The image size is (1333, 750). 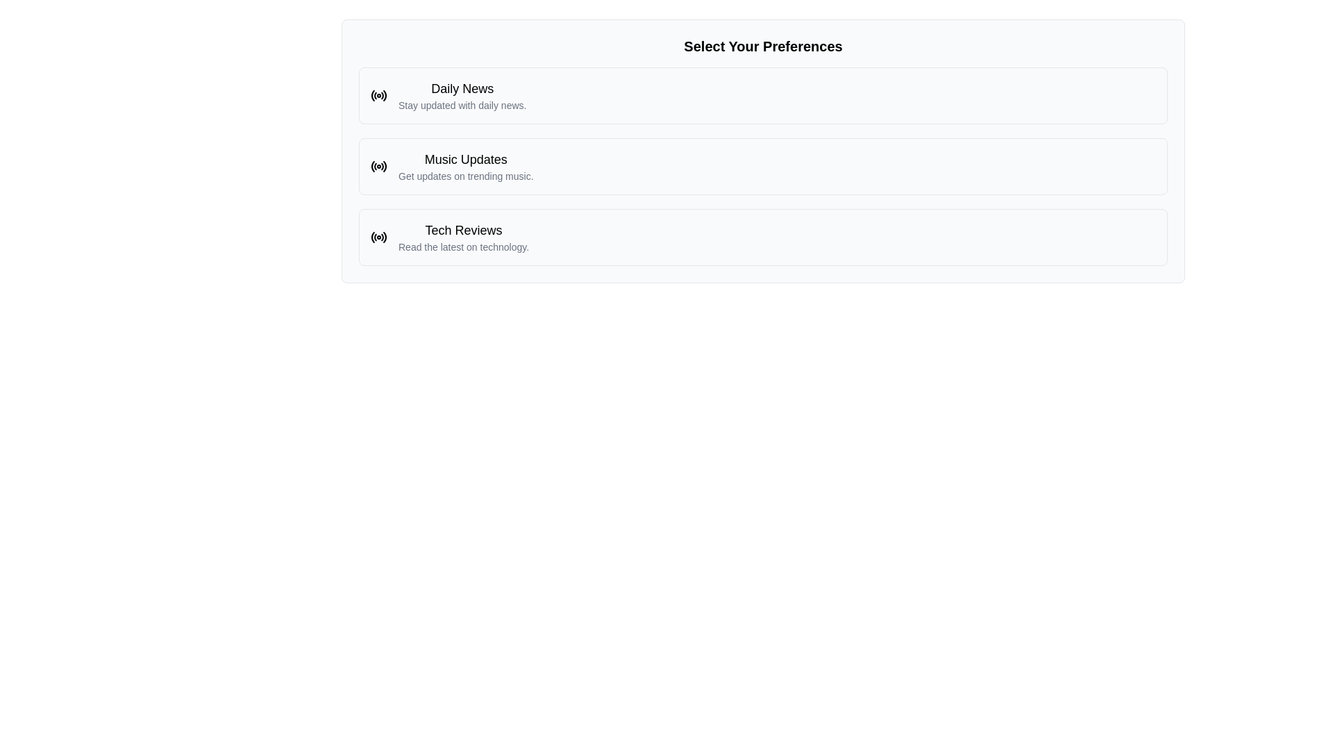 I want to click on the selectable option for technology reviews and updates, which is the third element in a vertical list below 'Daily News' and 'Music Updates', so click(x=463, y=237).